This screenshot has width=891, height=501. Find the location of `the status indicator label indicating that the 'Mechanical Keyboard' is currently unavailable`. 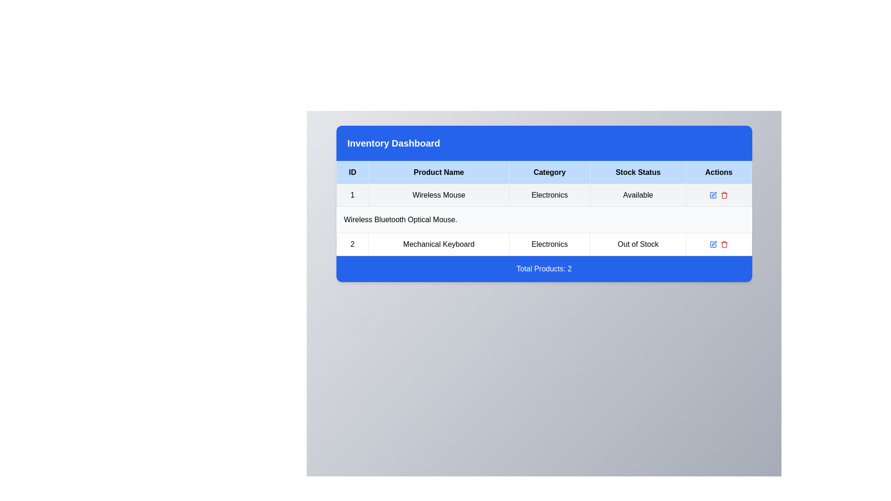

the status indicator label indicating that the 'Mechanical Keyboard' is currently unavailable is located at coordinates (638, 244).